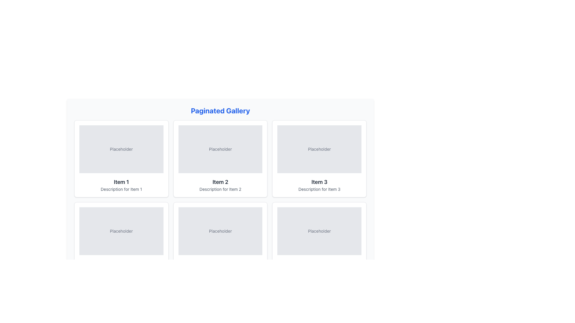  Describe the element at coordinates (220, 189) in the screenshot. I see `text label displaying 'Description for Item 2' located underneath the title 'Item 2' in the second card of the top row` at that location.